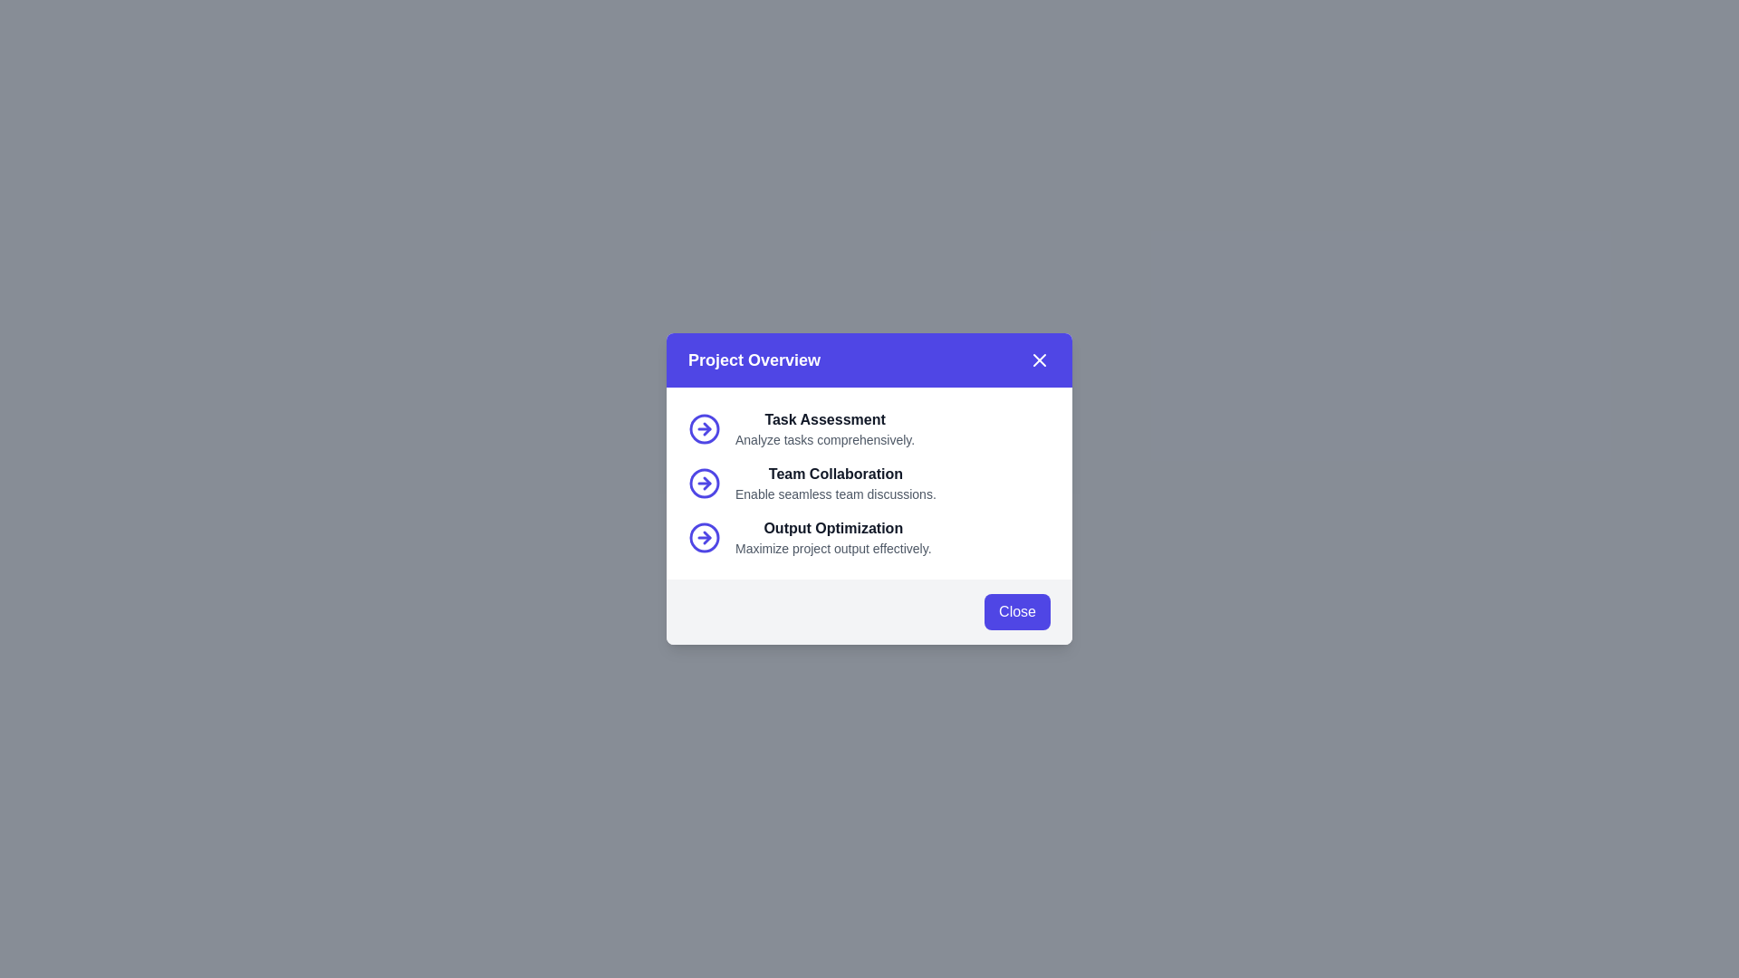 This screenshot has width=1739, height=978. What do you see at coordinates (834, 494) in the screenshot?
I see `the Text label providing a description of the 'Team Collaboration' feature in the modal, which is centrally located beneath the 'Team Collaboration' heading` at bounding box center [834, 494].